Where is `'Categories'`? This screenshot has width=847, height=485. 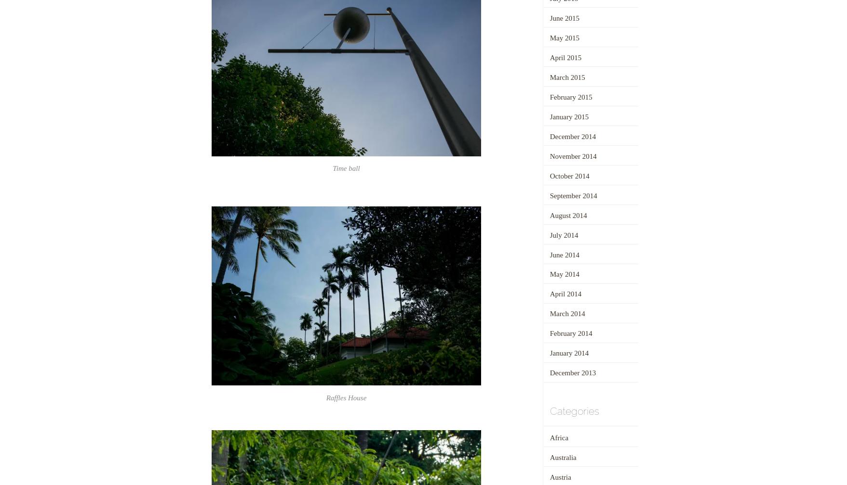 'Categories' is located at coordinates (549, 410).